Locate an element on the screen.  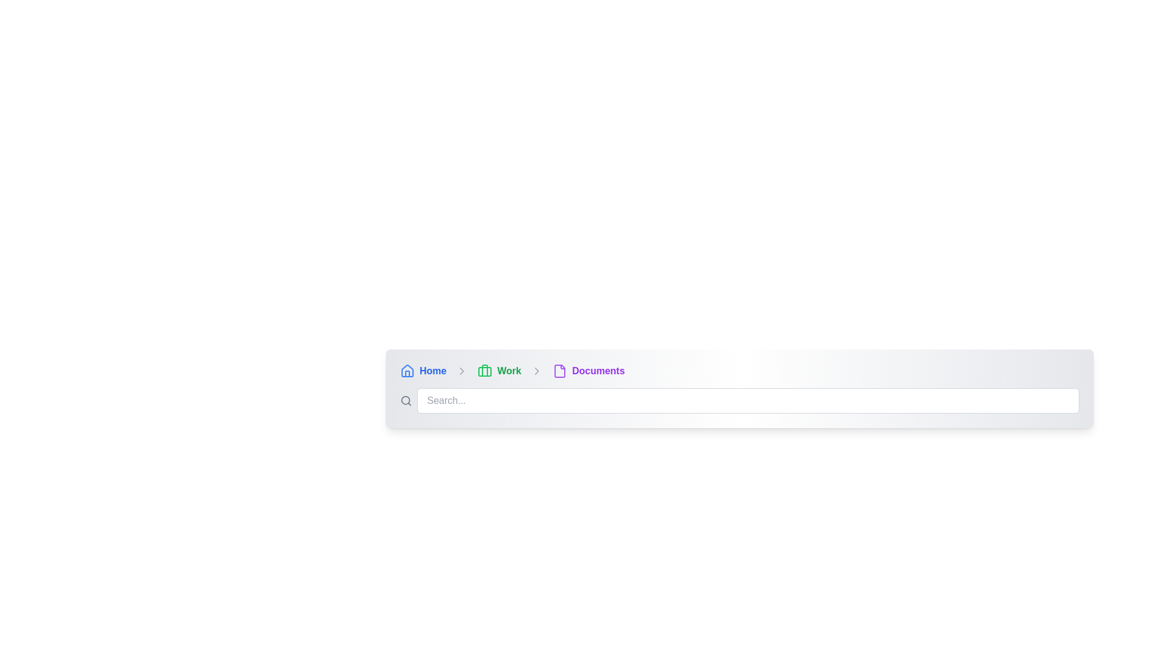
the search icon located to the left of the search input field, which visually indicates the search functionality is located at coordinates (406, 401).